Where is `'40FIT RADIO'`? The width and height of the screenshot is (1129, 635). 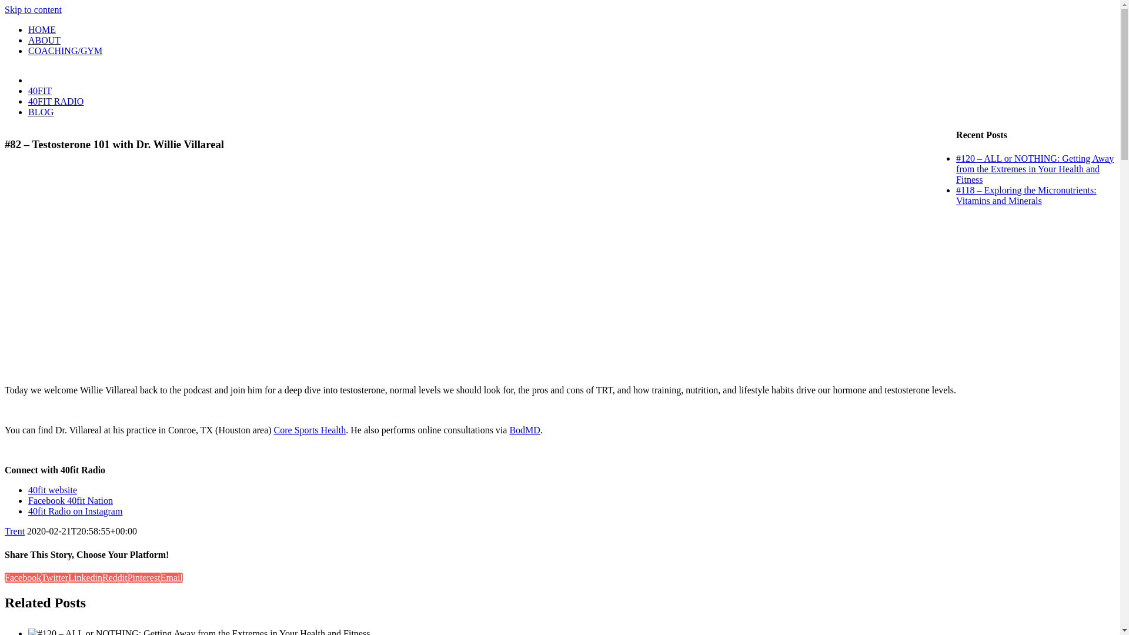 '40FIT RADIO' is located at coordinates (55, 101).